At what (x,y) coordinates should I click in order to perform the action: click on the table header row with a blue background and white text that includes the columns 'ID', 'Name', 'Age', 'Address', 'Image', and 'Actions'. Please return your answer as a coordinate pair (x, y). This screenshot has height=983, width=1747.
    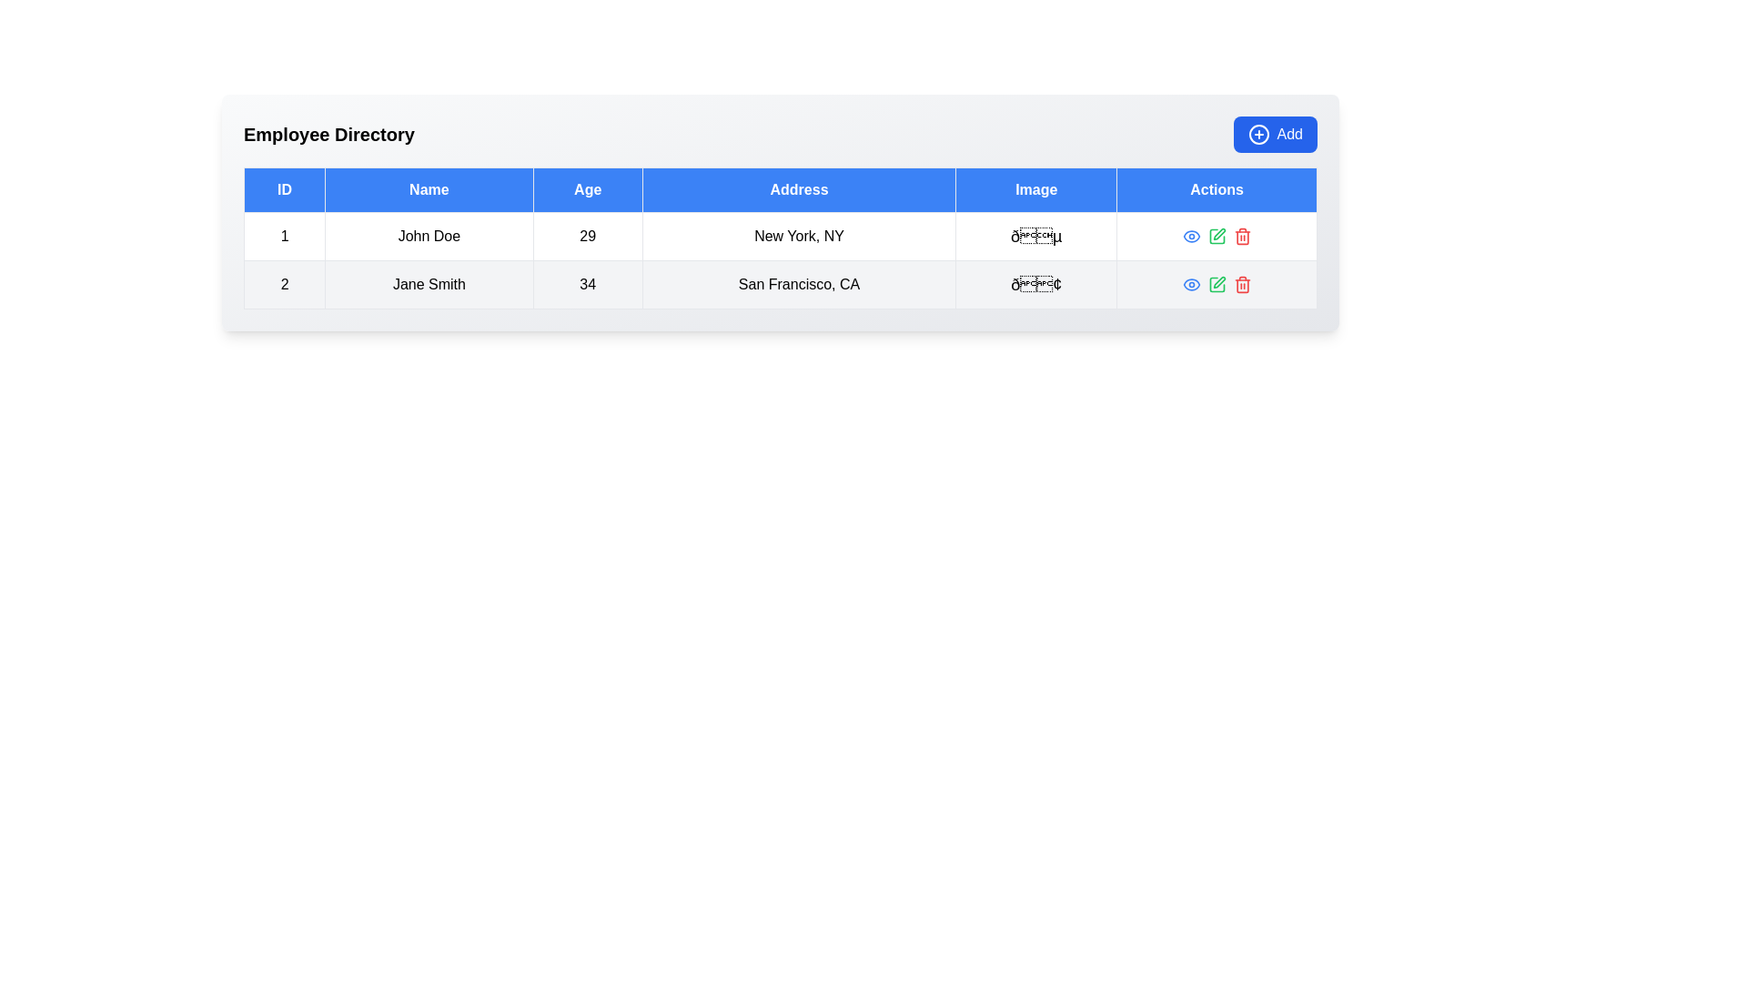
    Looking at the image, I should click on (781, 189).